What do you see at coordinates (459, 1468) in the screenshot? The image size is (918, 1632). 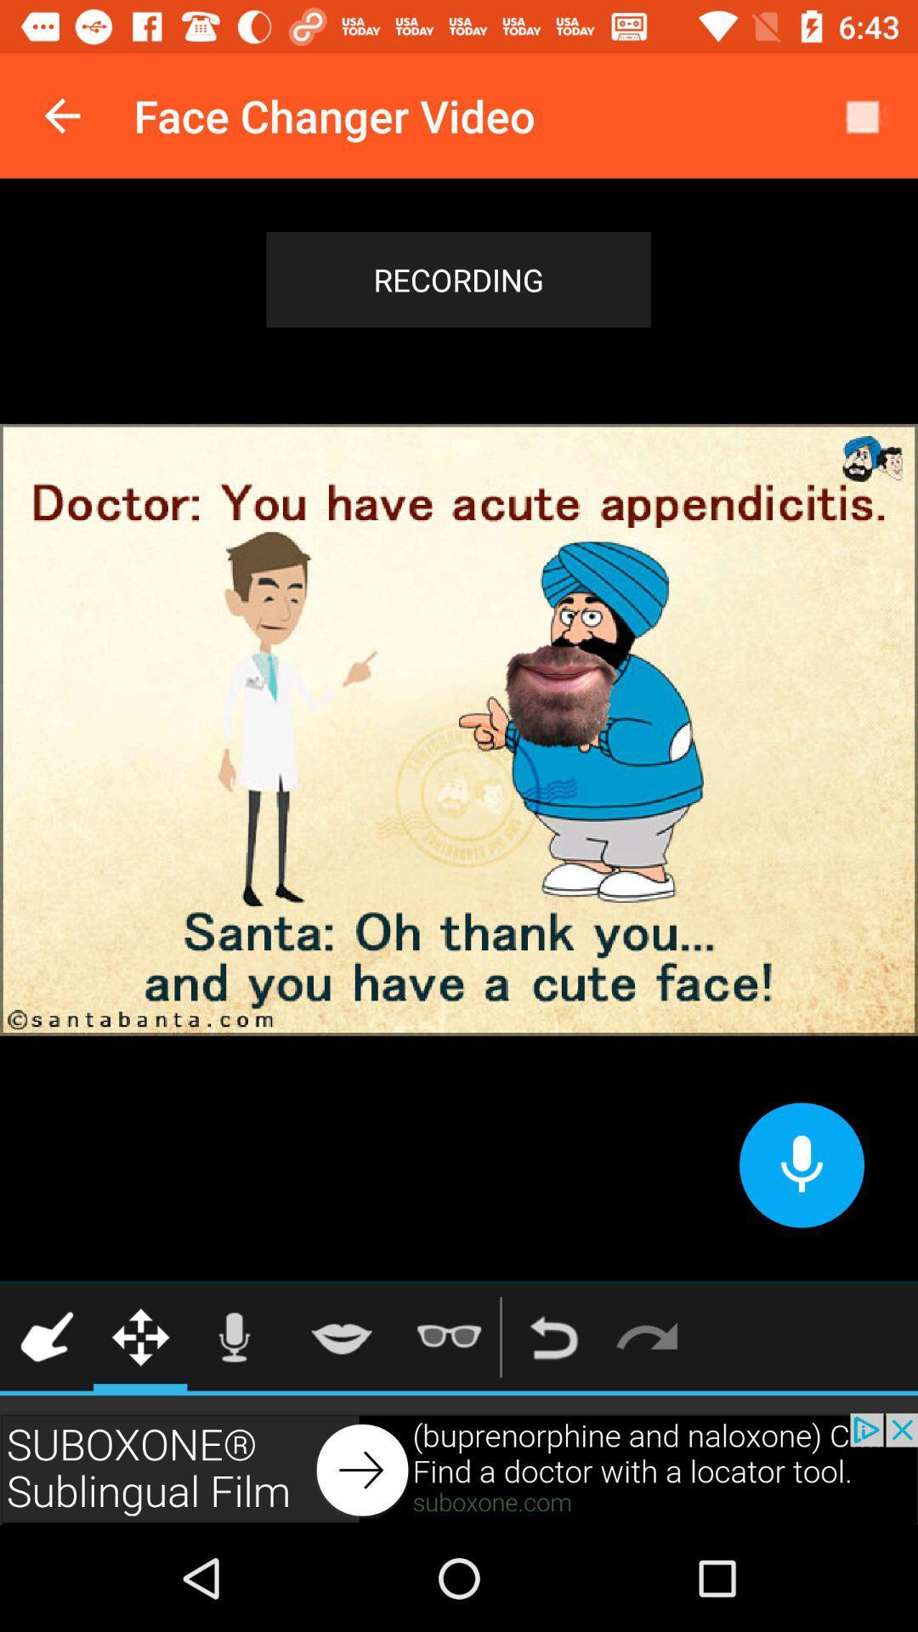 I see `advertisement` at bounding box center [459, 1468].